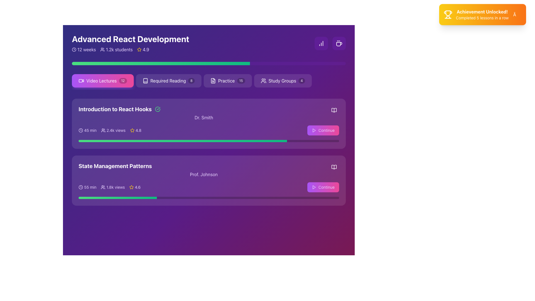  Describe the element at coordinates (103, 49) in the screenshot. I see `the icon resembling a group of people, which is styled as an outline drawing with a 'currentColor' stroke, located to the left of the '1.2k students' text under the course title 'Advanced React Development'` at that location.